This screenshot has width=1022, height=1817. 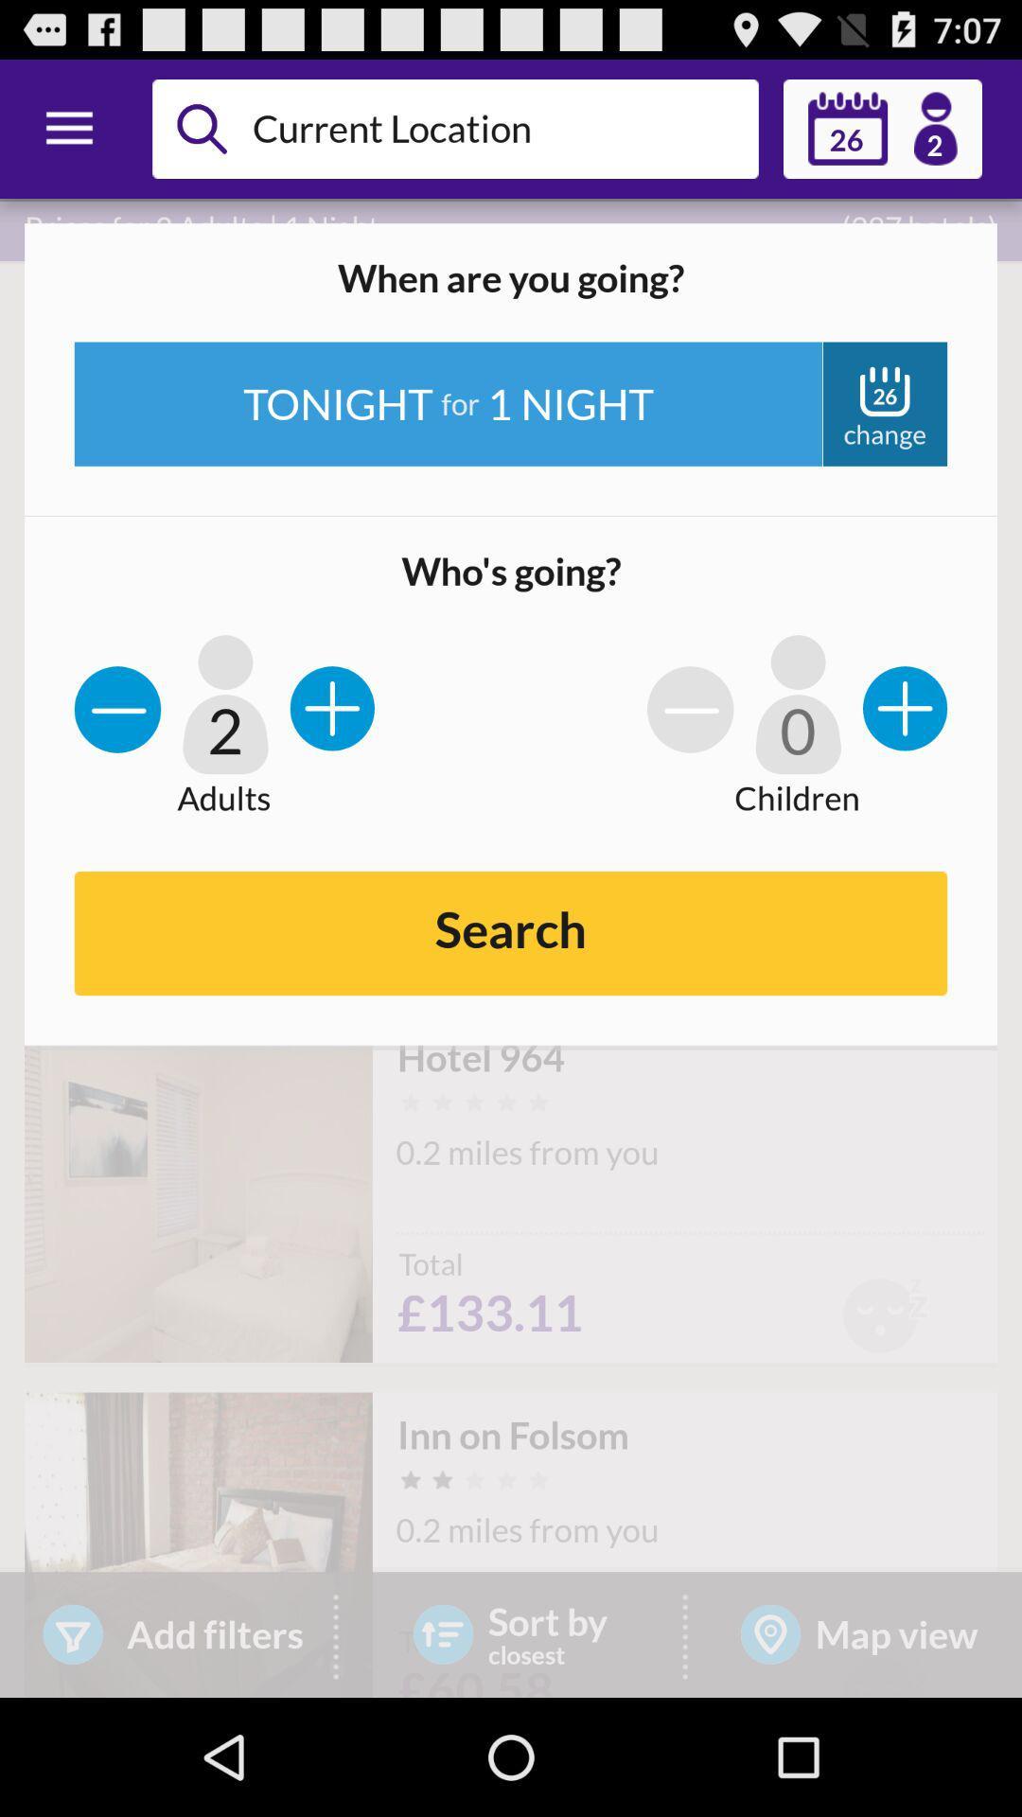 What do you see at coordinates (690, 741) in the screenshot?
I see `the minus icon` at bounding box center [690, 741].